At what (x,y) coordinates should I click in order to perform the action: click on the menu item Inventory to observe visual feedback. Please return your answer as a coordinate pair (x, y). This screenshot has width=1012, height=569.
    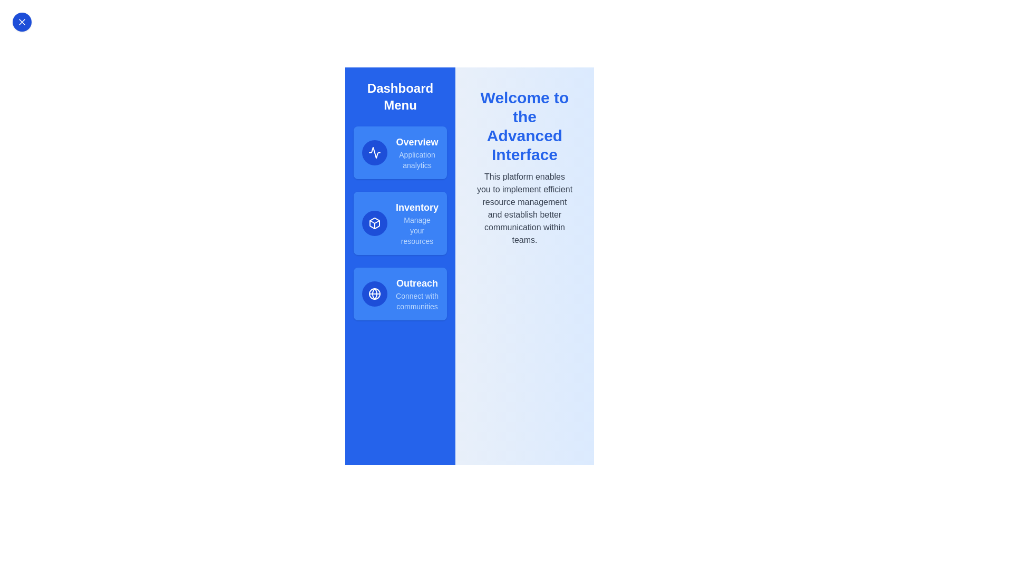
    Looking at the image, I should click on (400, 223).